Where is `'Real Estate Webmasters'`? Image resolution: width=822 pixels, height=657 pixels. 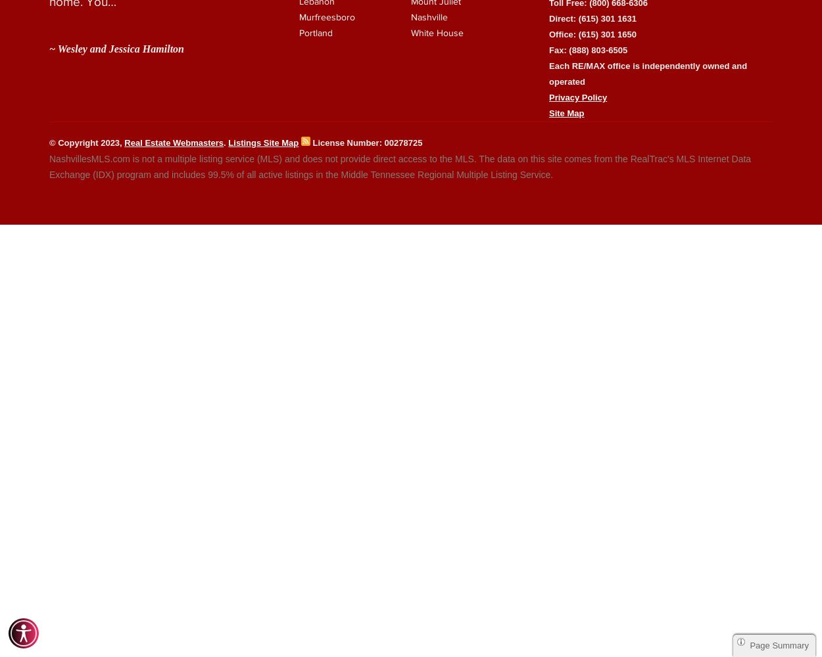
'Real Estate Webmasters' is located at coordinates (174, 141).